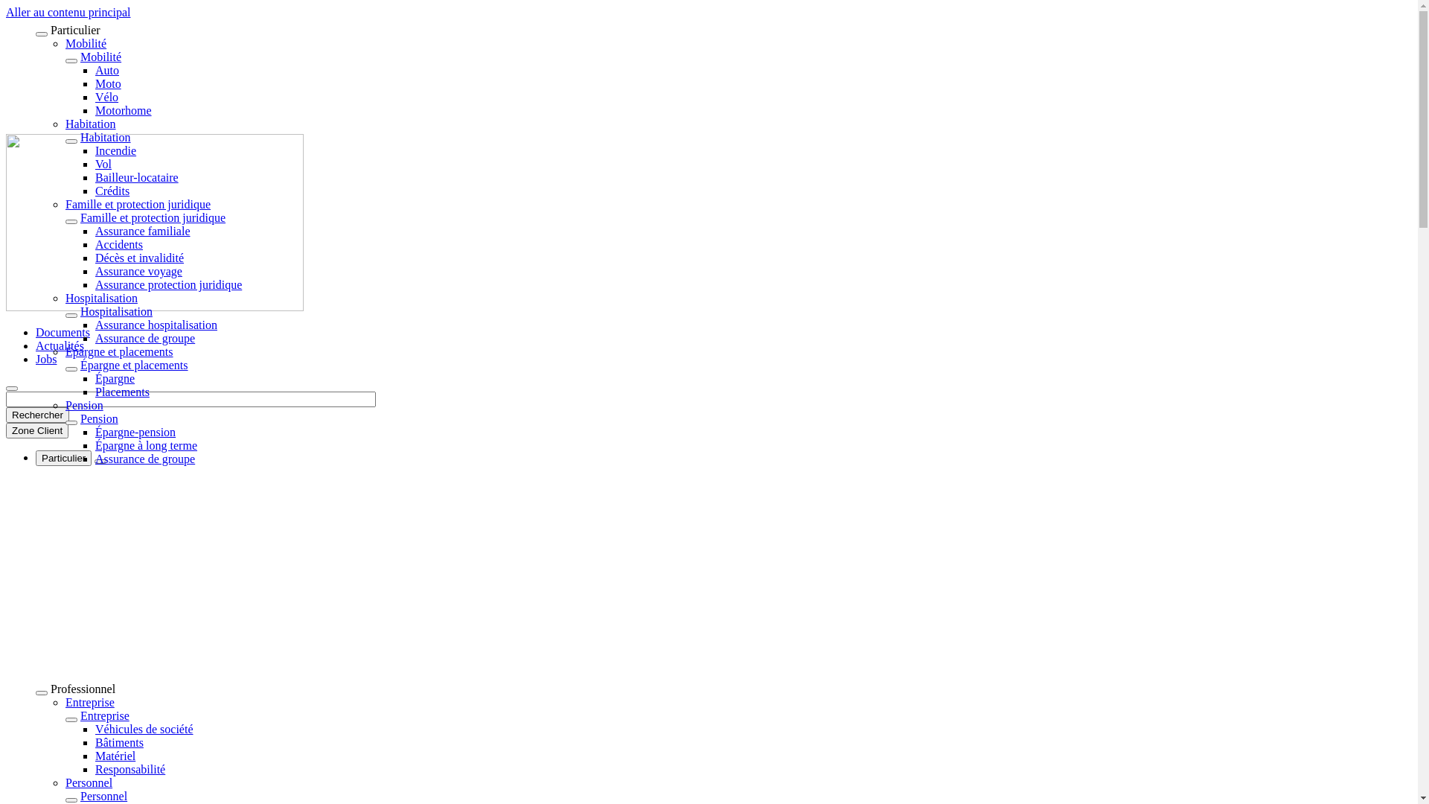 The width and height of the screenshot is (1429, 804). What do you see at coordinates (106, 70) in the screenshot?
I see `'Auto'` at bounding box center [106, 70].